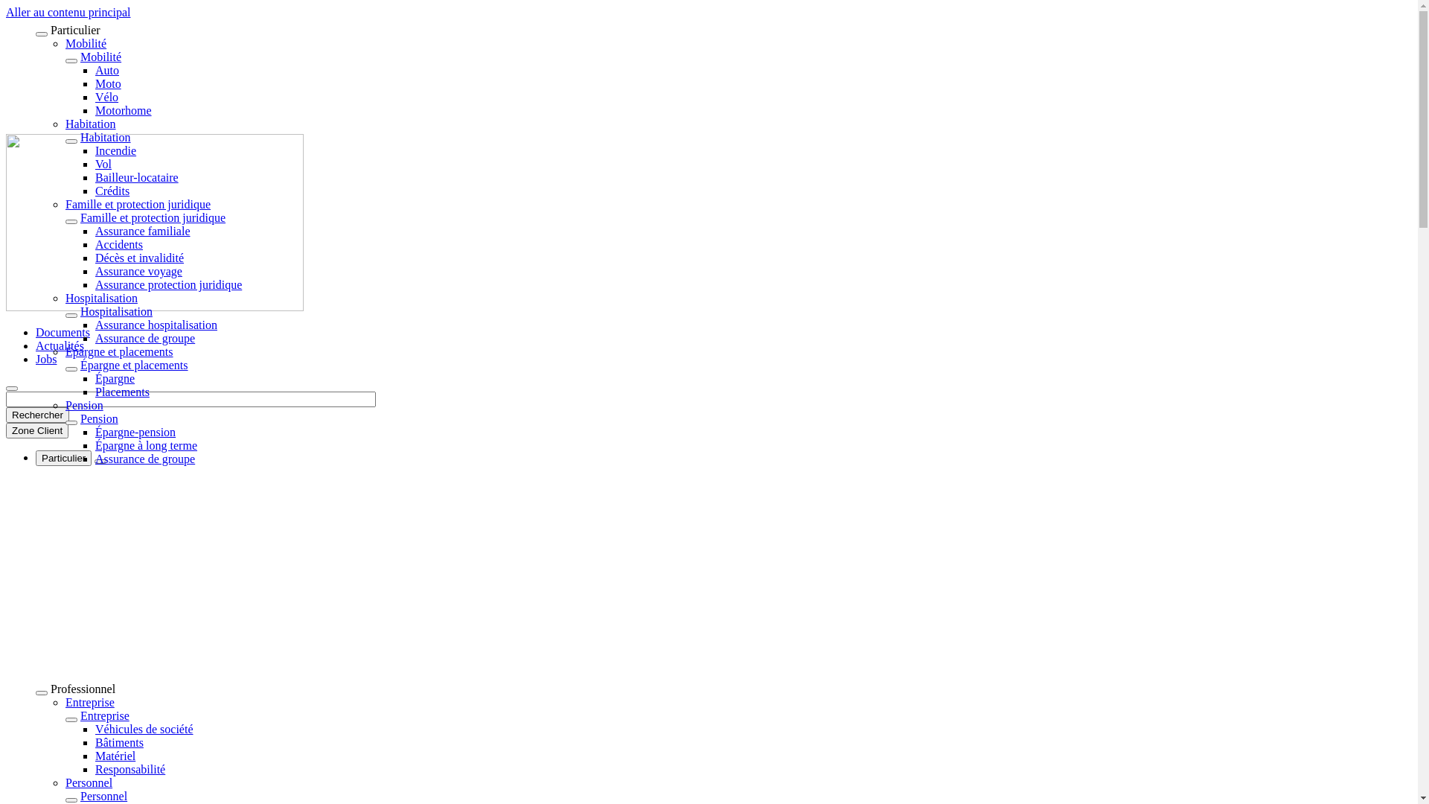 The width and height of the screenshot is (1429, 804). What do you see at coordinates (106, 70) in the screenshot?
I see `'Auto'` at bounding box center [106, 70].